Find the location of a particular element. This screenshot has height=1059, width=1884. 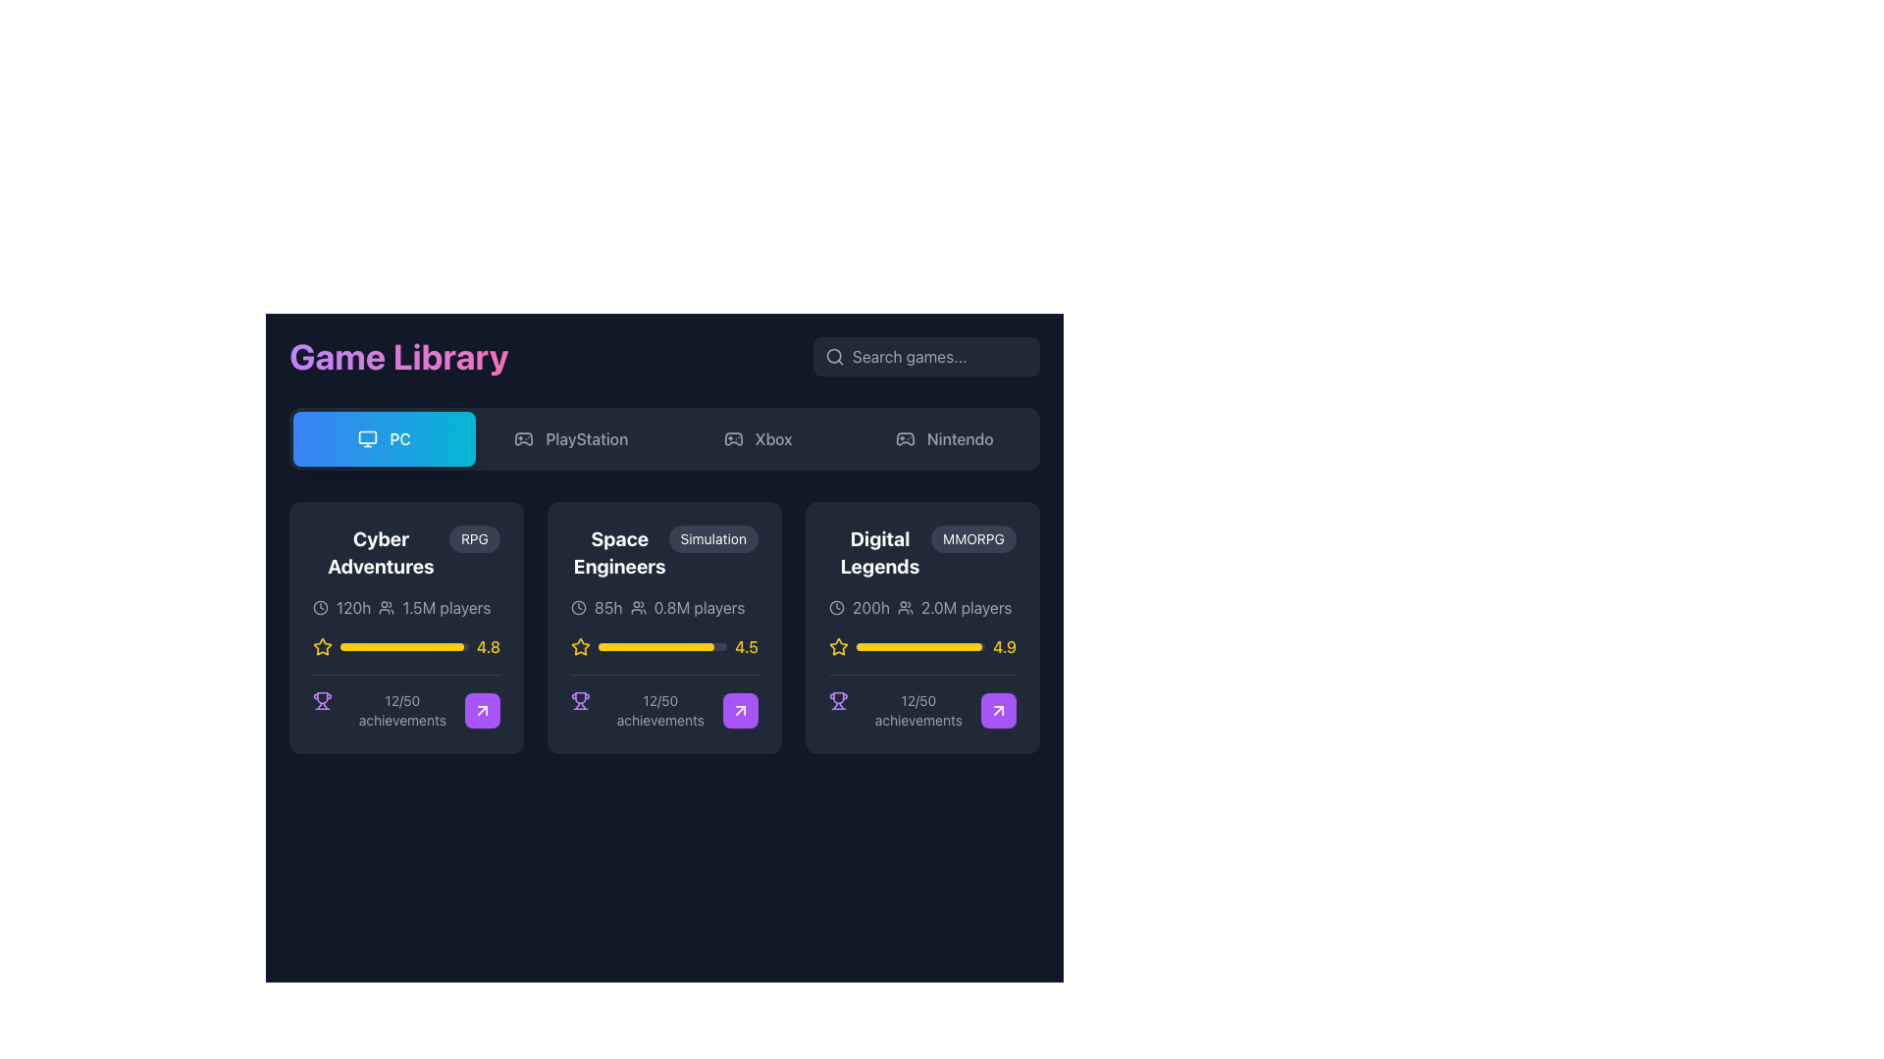

the text label displaying the numeric rating value for the 'Space Engineers' category, located at the bottom-right of the card, just after the yellow progress bar and before the purple button is located at coordinates (746, 646).